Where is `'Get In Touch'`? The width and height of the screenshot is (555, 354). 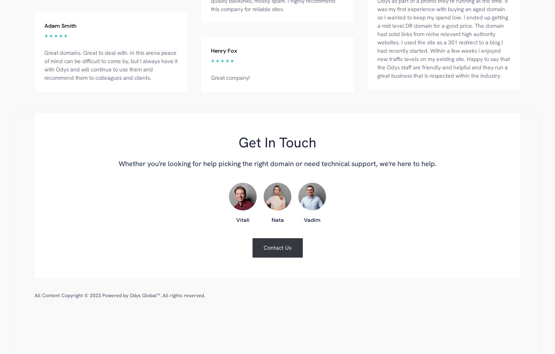 'Get In Touch' is located at coordinates (277, 142).